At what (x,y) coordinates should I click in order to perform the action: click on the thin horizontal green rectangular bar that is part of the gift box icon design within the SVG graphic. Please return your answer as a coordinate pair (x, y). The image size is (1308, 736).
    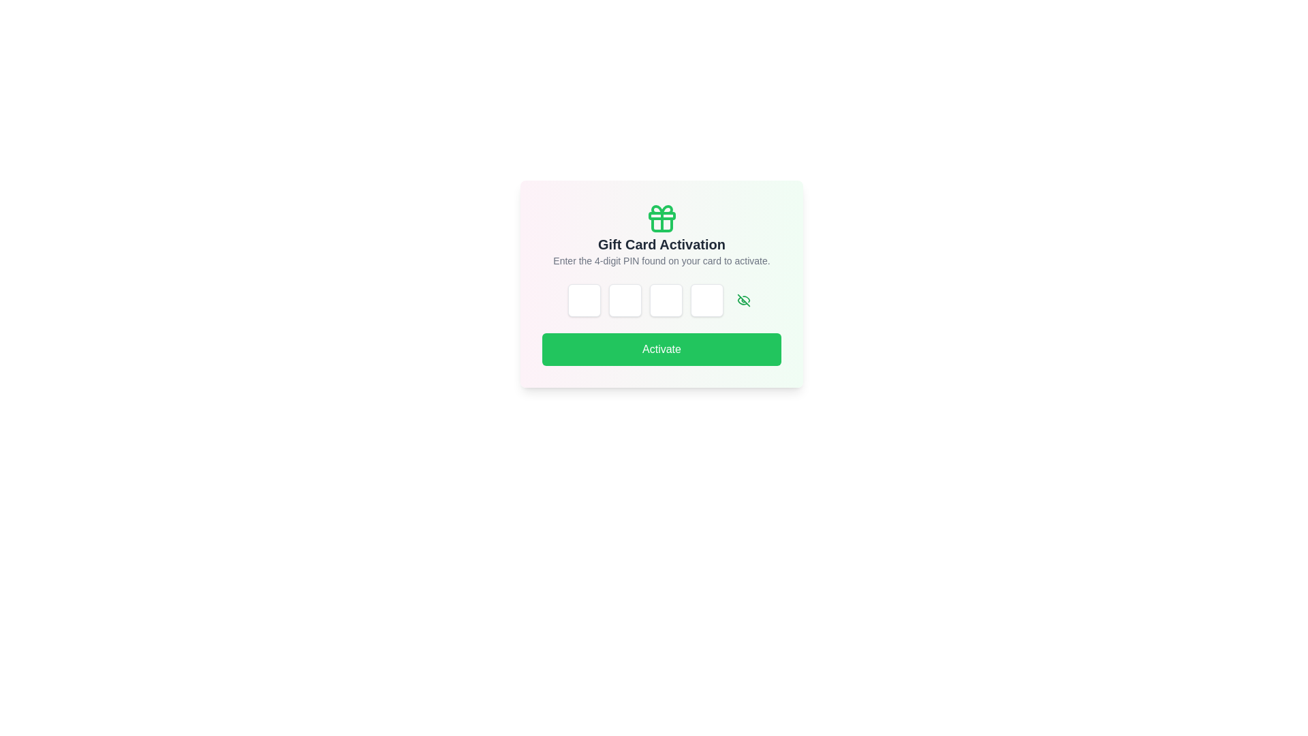
    Looking at the image, I should click on (661, 215).